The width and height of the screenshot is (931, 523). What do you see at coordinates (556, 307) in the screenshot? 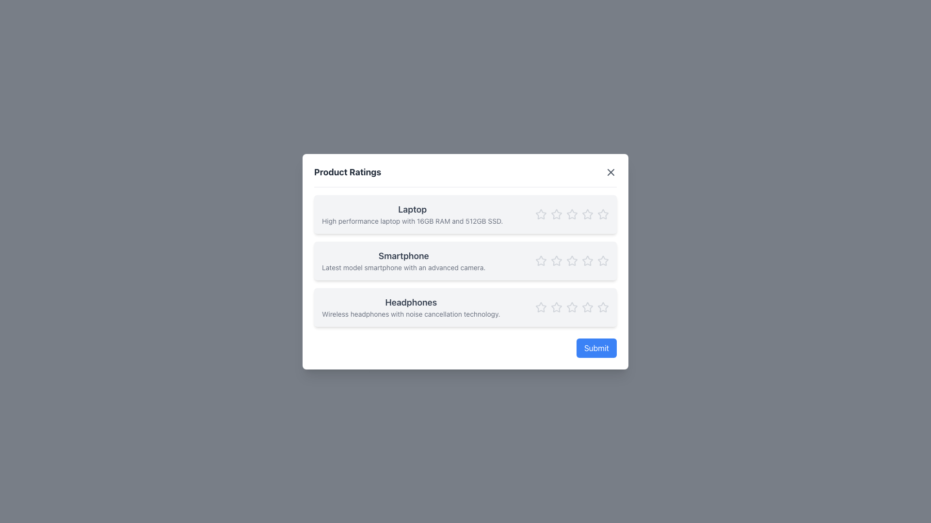
I see `the first star icon in the horizontal group of five stars for the 'Headphones' product ratings, which is currently unselected and outlined in gray` at bounding box center [556, 307].